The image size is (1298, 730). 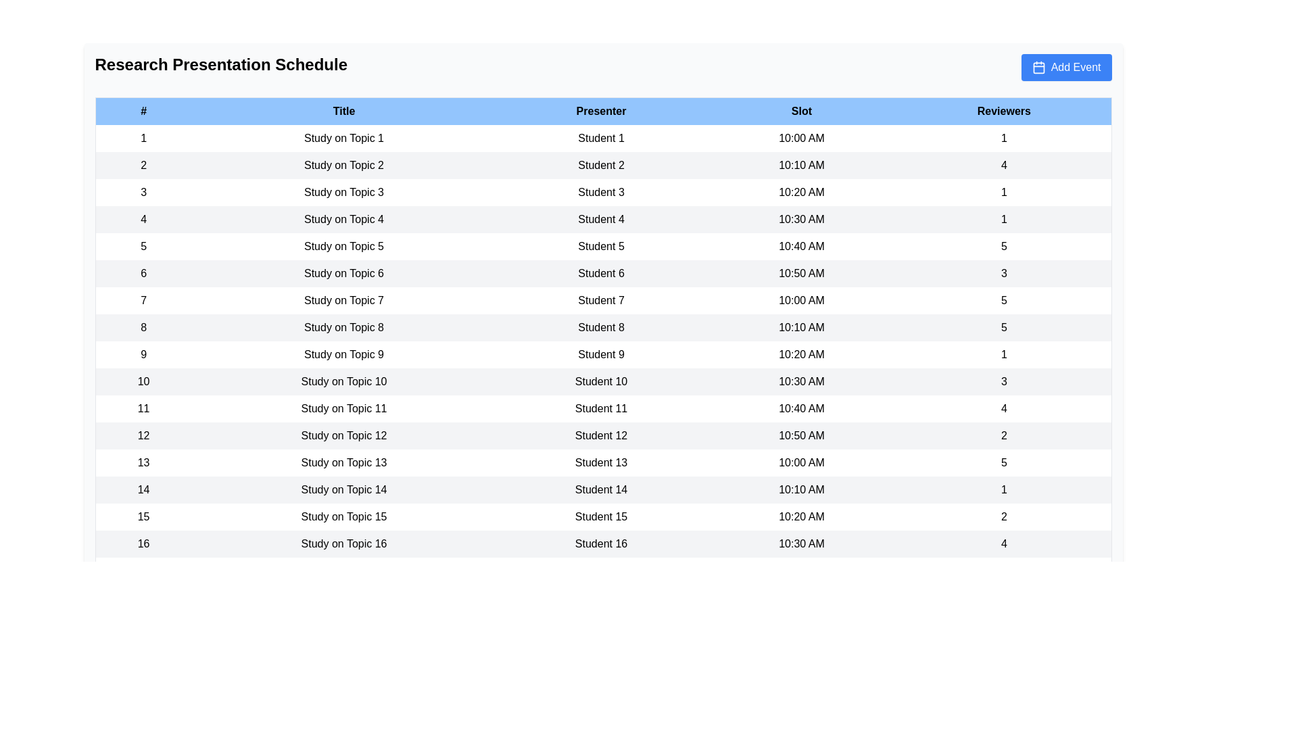 I want to click on the 'Add Event' button to initiate the process of adding a new event, so click(x=1065, y=68).